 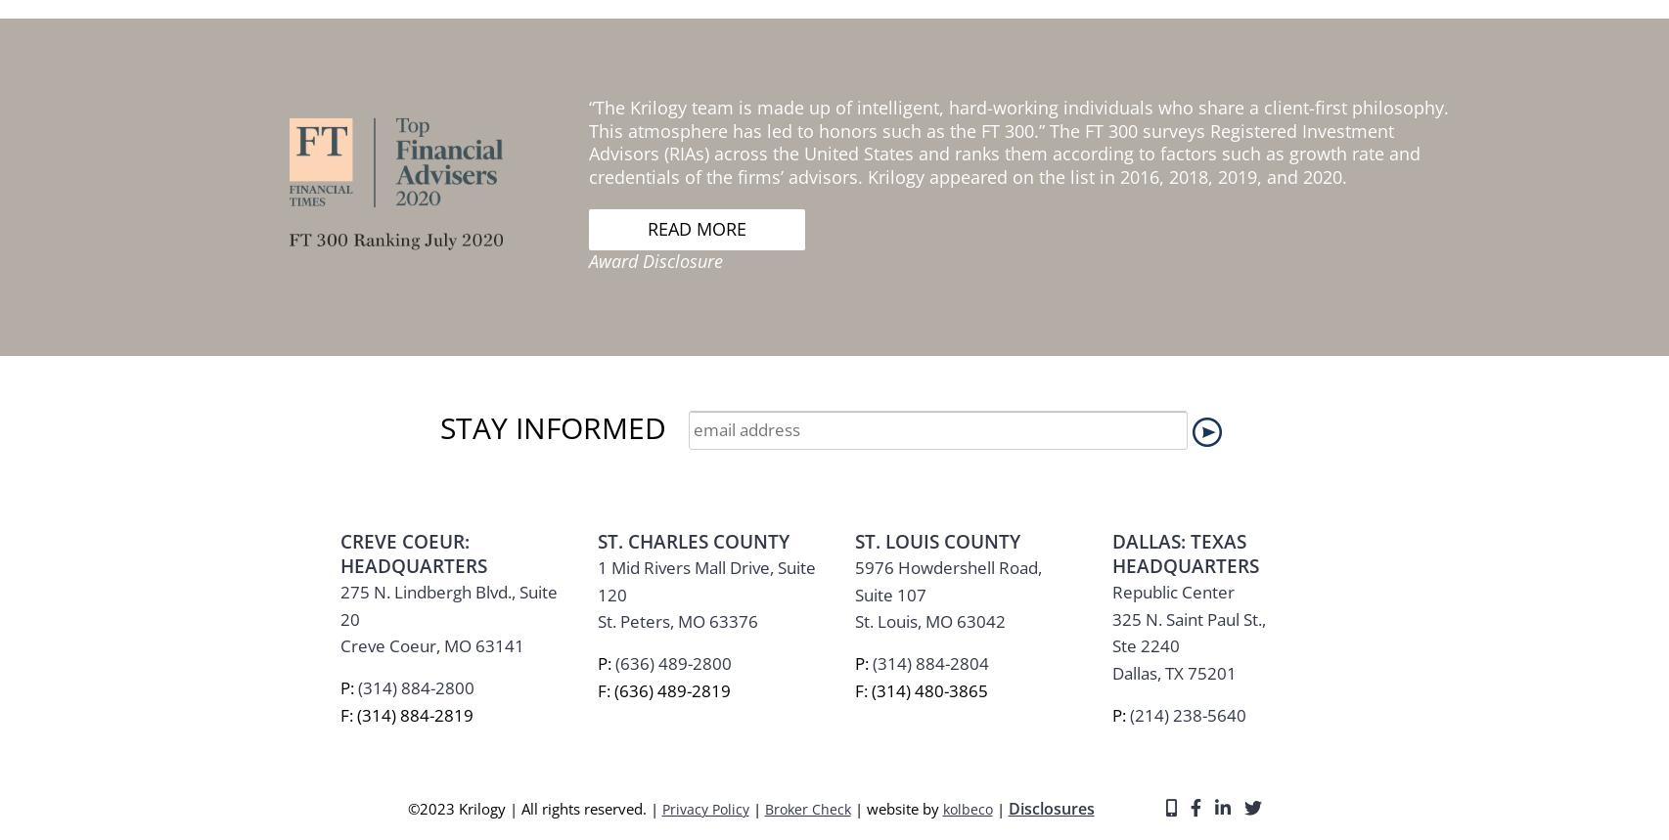 What do you see at coordinates (921, 173) in the screenshot?
I see `'F: (314) 480-3865'` at bounding box center [921, 173].